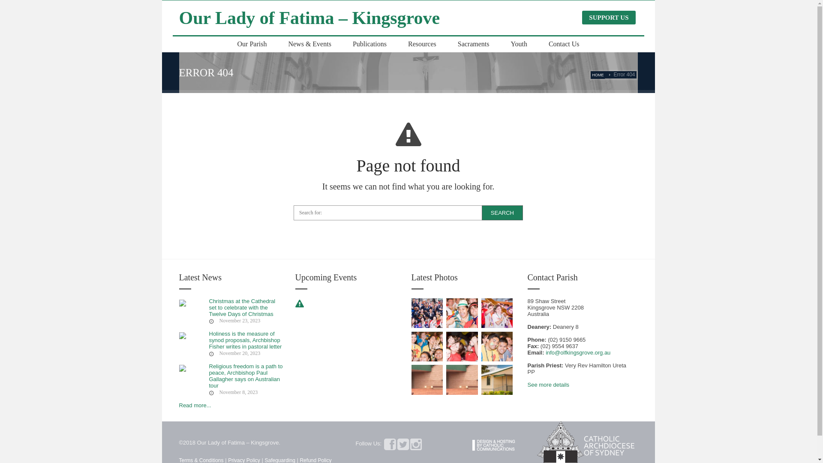 The width and height of the screenshot is (823, 463). Describe the element at coordinates (309, 44) in the screenshot. I see `'News & Events'` at that location.